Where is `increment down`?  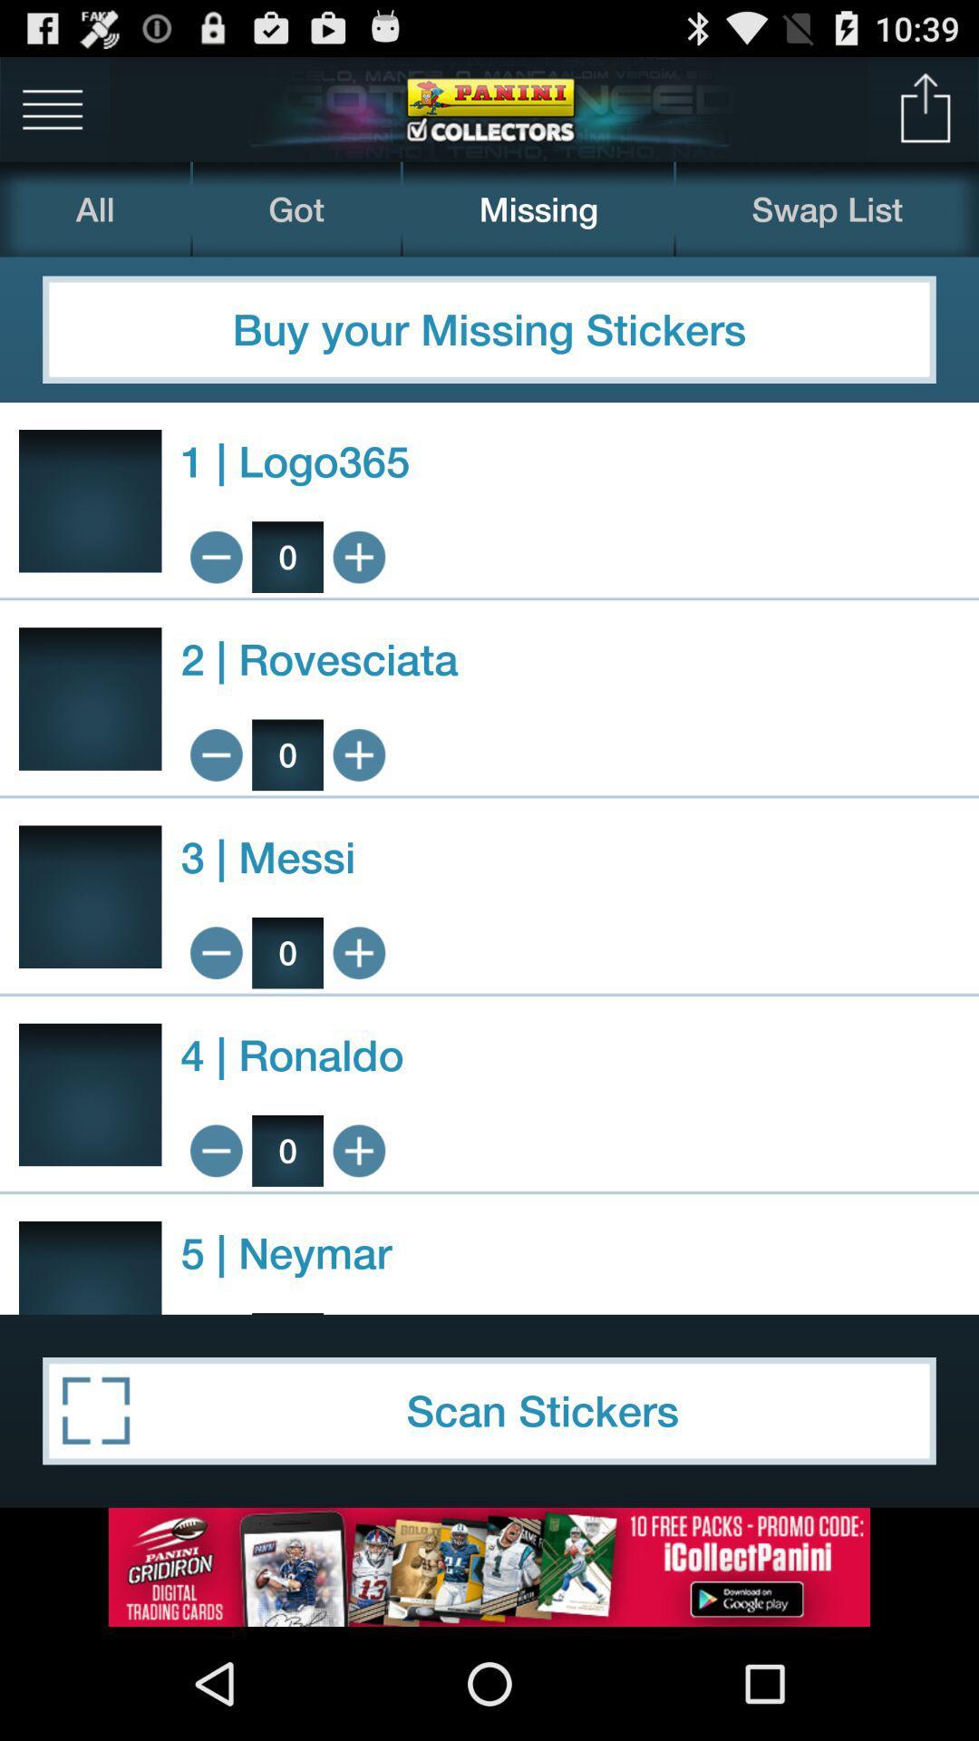
increment down is located at coordinates (215, 1150).